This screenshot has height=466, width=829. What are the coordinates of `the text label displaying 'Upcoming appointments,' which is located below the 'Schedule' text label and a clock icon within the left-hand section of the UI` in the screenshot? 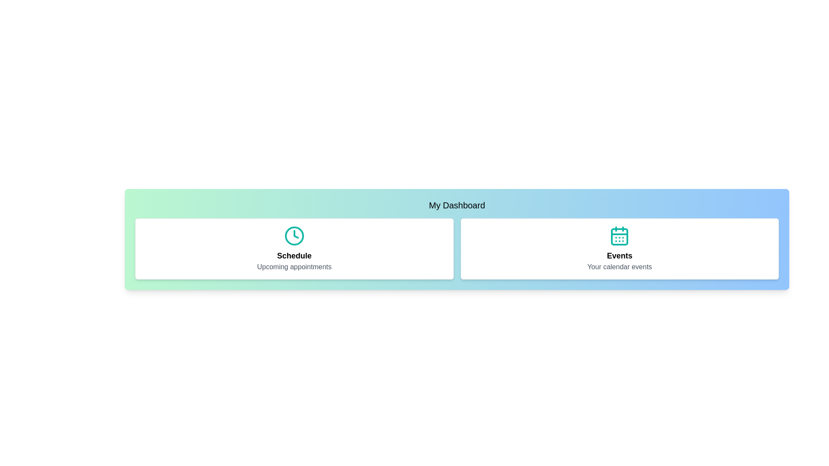 It's located at (294, 266).